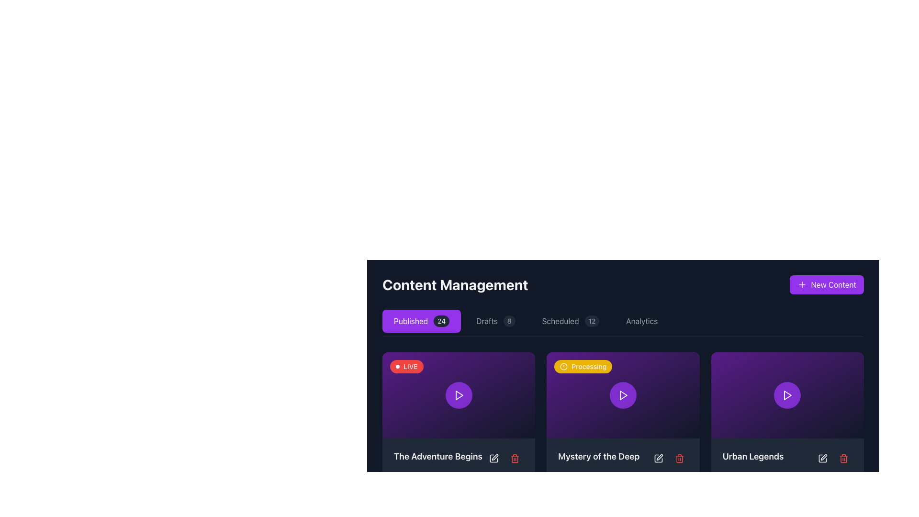 The image size is (919, 517). What do you see at coordinates (437, 456) in the screenshot?
I see `the text label located at the bottom of the leftmost content card, which serves as the title or identifier for the item` at bounding box center [437, 456].